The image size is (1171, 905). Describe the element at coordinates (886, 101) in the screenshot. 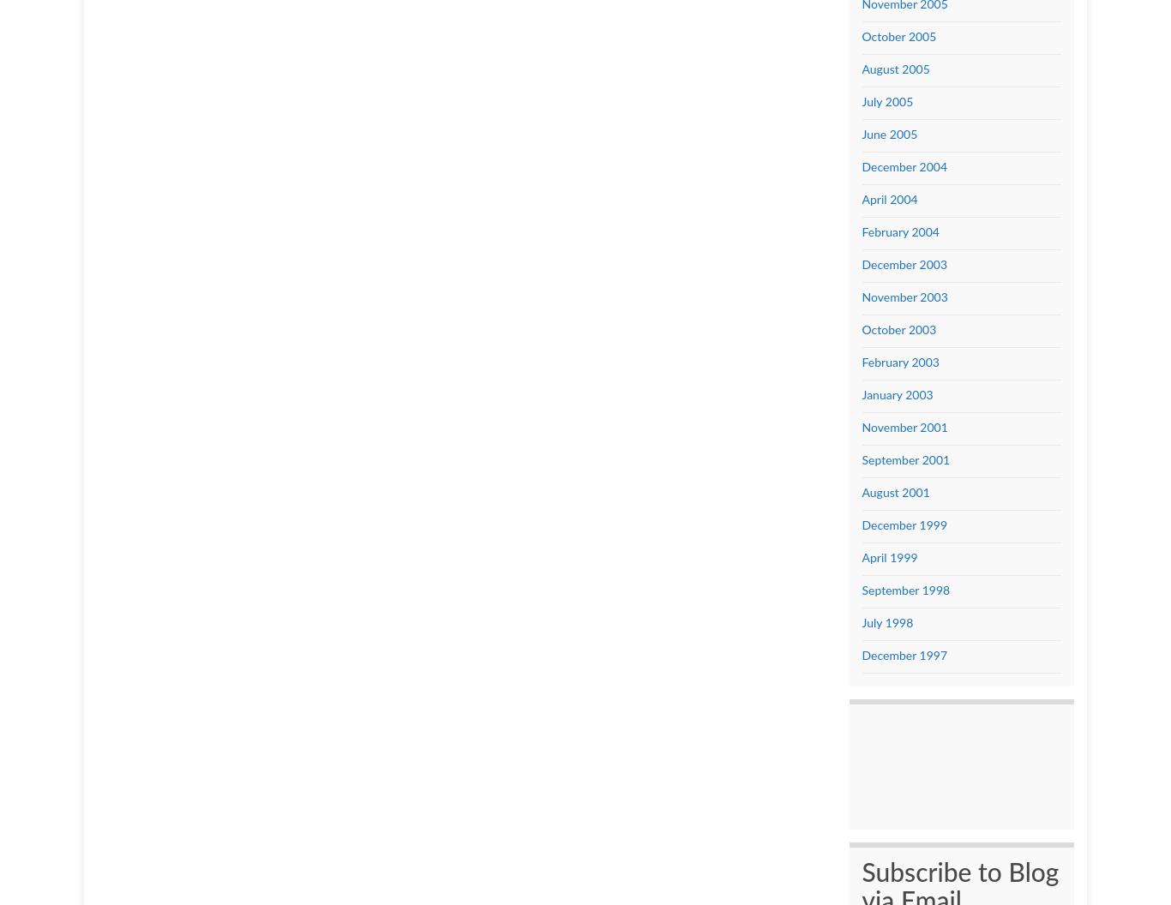

I see `'July 2005'` at that location.